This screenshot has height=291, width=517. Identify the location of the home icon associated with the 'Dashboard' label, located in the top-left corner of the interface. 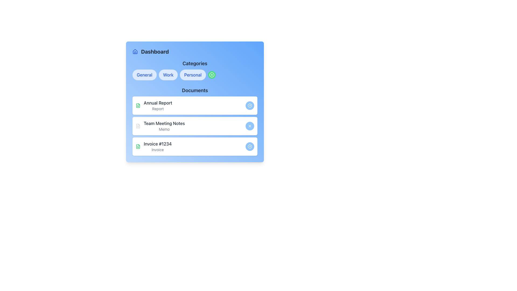
(135, 52).